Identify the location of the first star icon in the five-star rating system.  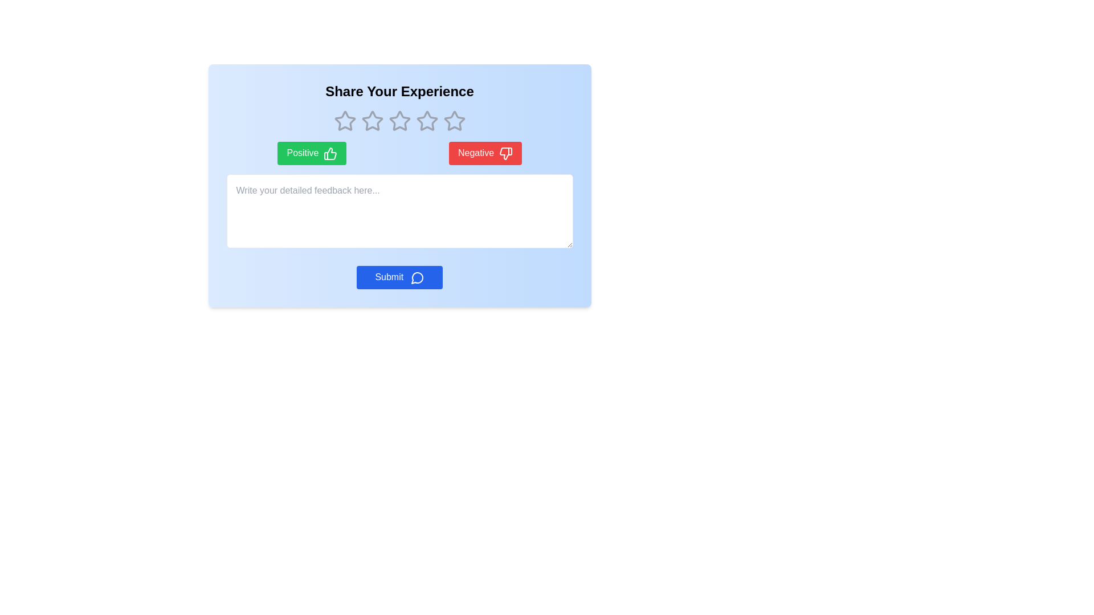
(344, 121).